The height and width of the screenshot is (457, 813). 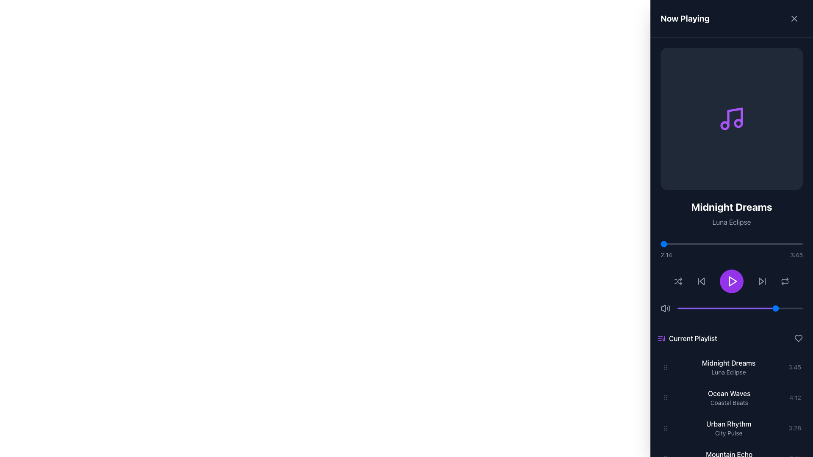 I want to click on the playback progress, so click(x=735, y=244).